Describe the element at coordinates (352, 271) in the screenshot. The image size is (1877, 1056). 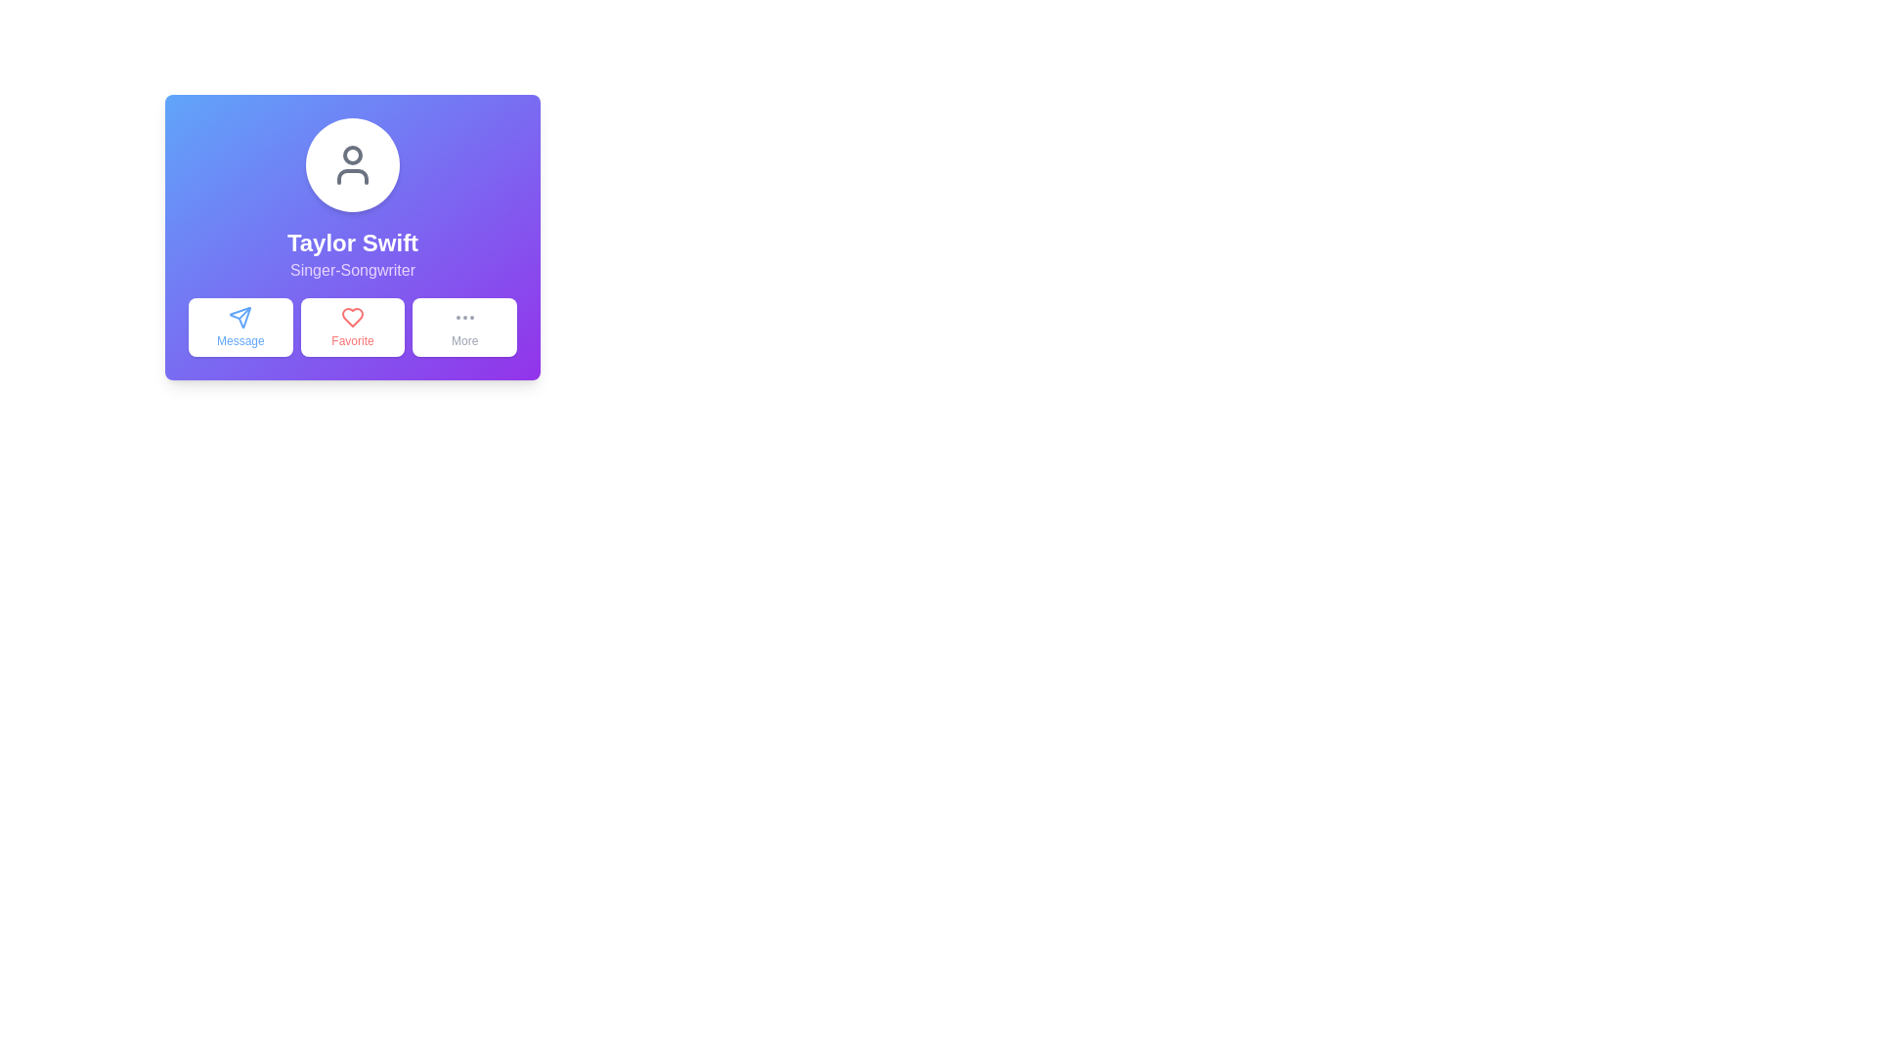
I see `the text label reading 'Singer-Songwriter' in light purple color, located at the bottom of the header section of the profile card` at that location.